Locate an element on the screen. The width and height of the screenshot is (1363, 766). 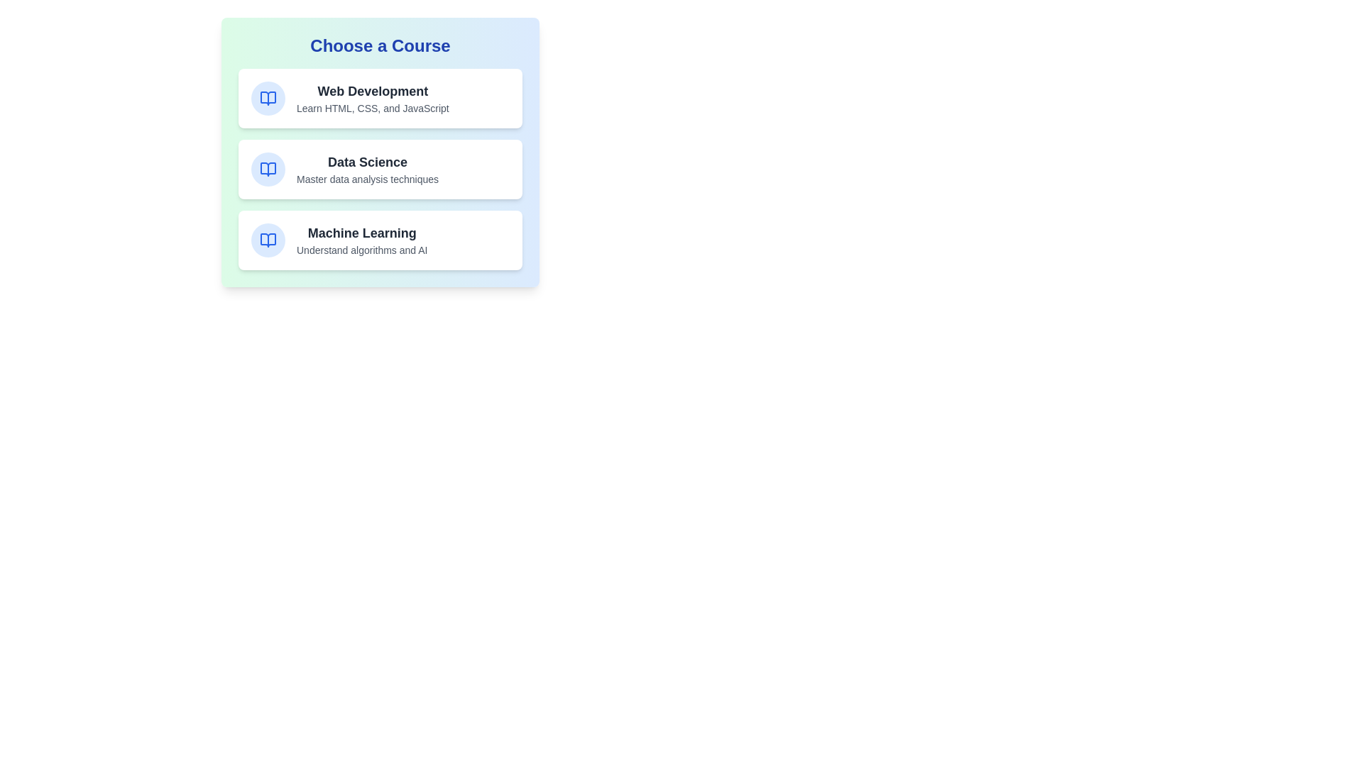
the 'Machine Learning' text label, which is styled in bold, large font and located in the 'Choose a Course' section as the title of the third listed course is located at coordinates (362, 232).